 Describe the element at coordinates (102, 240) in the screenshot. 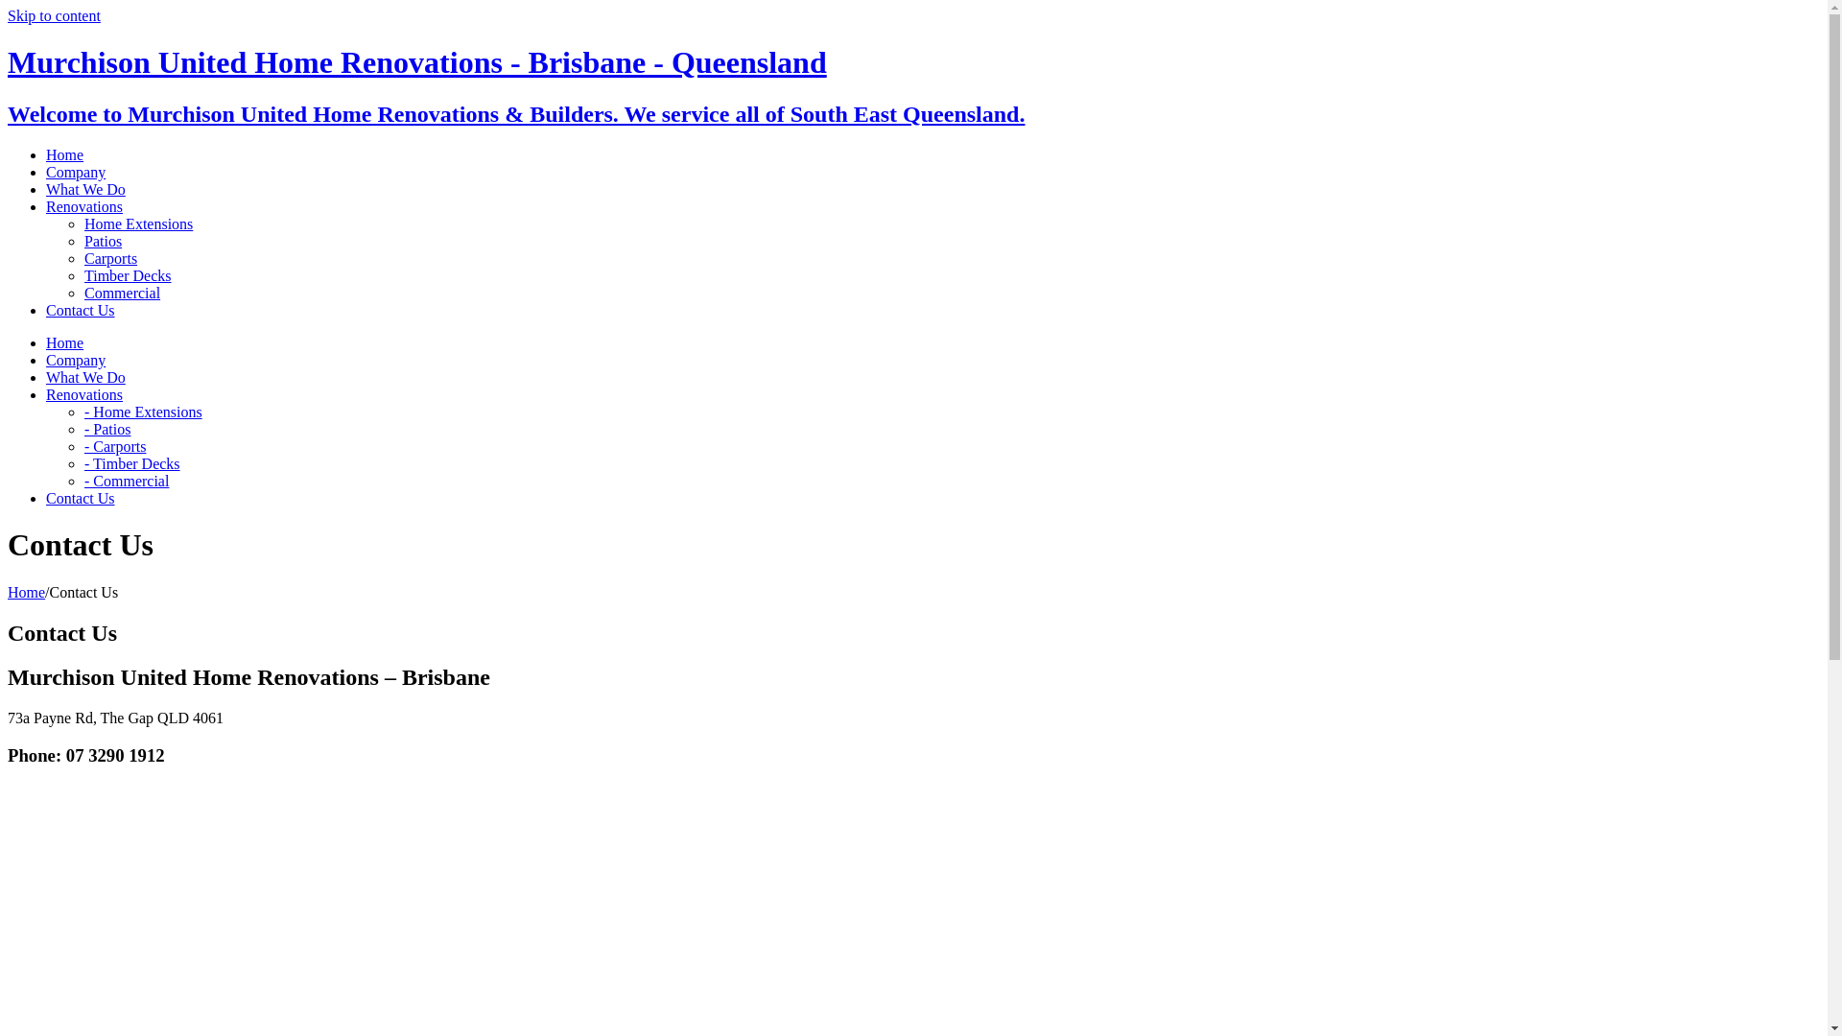

I see `'Patios'` at that location.